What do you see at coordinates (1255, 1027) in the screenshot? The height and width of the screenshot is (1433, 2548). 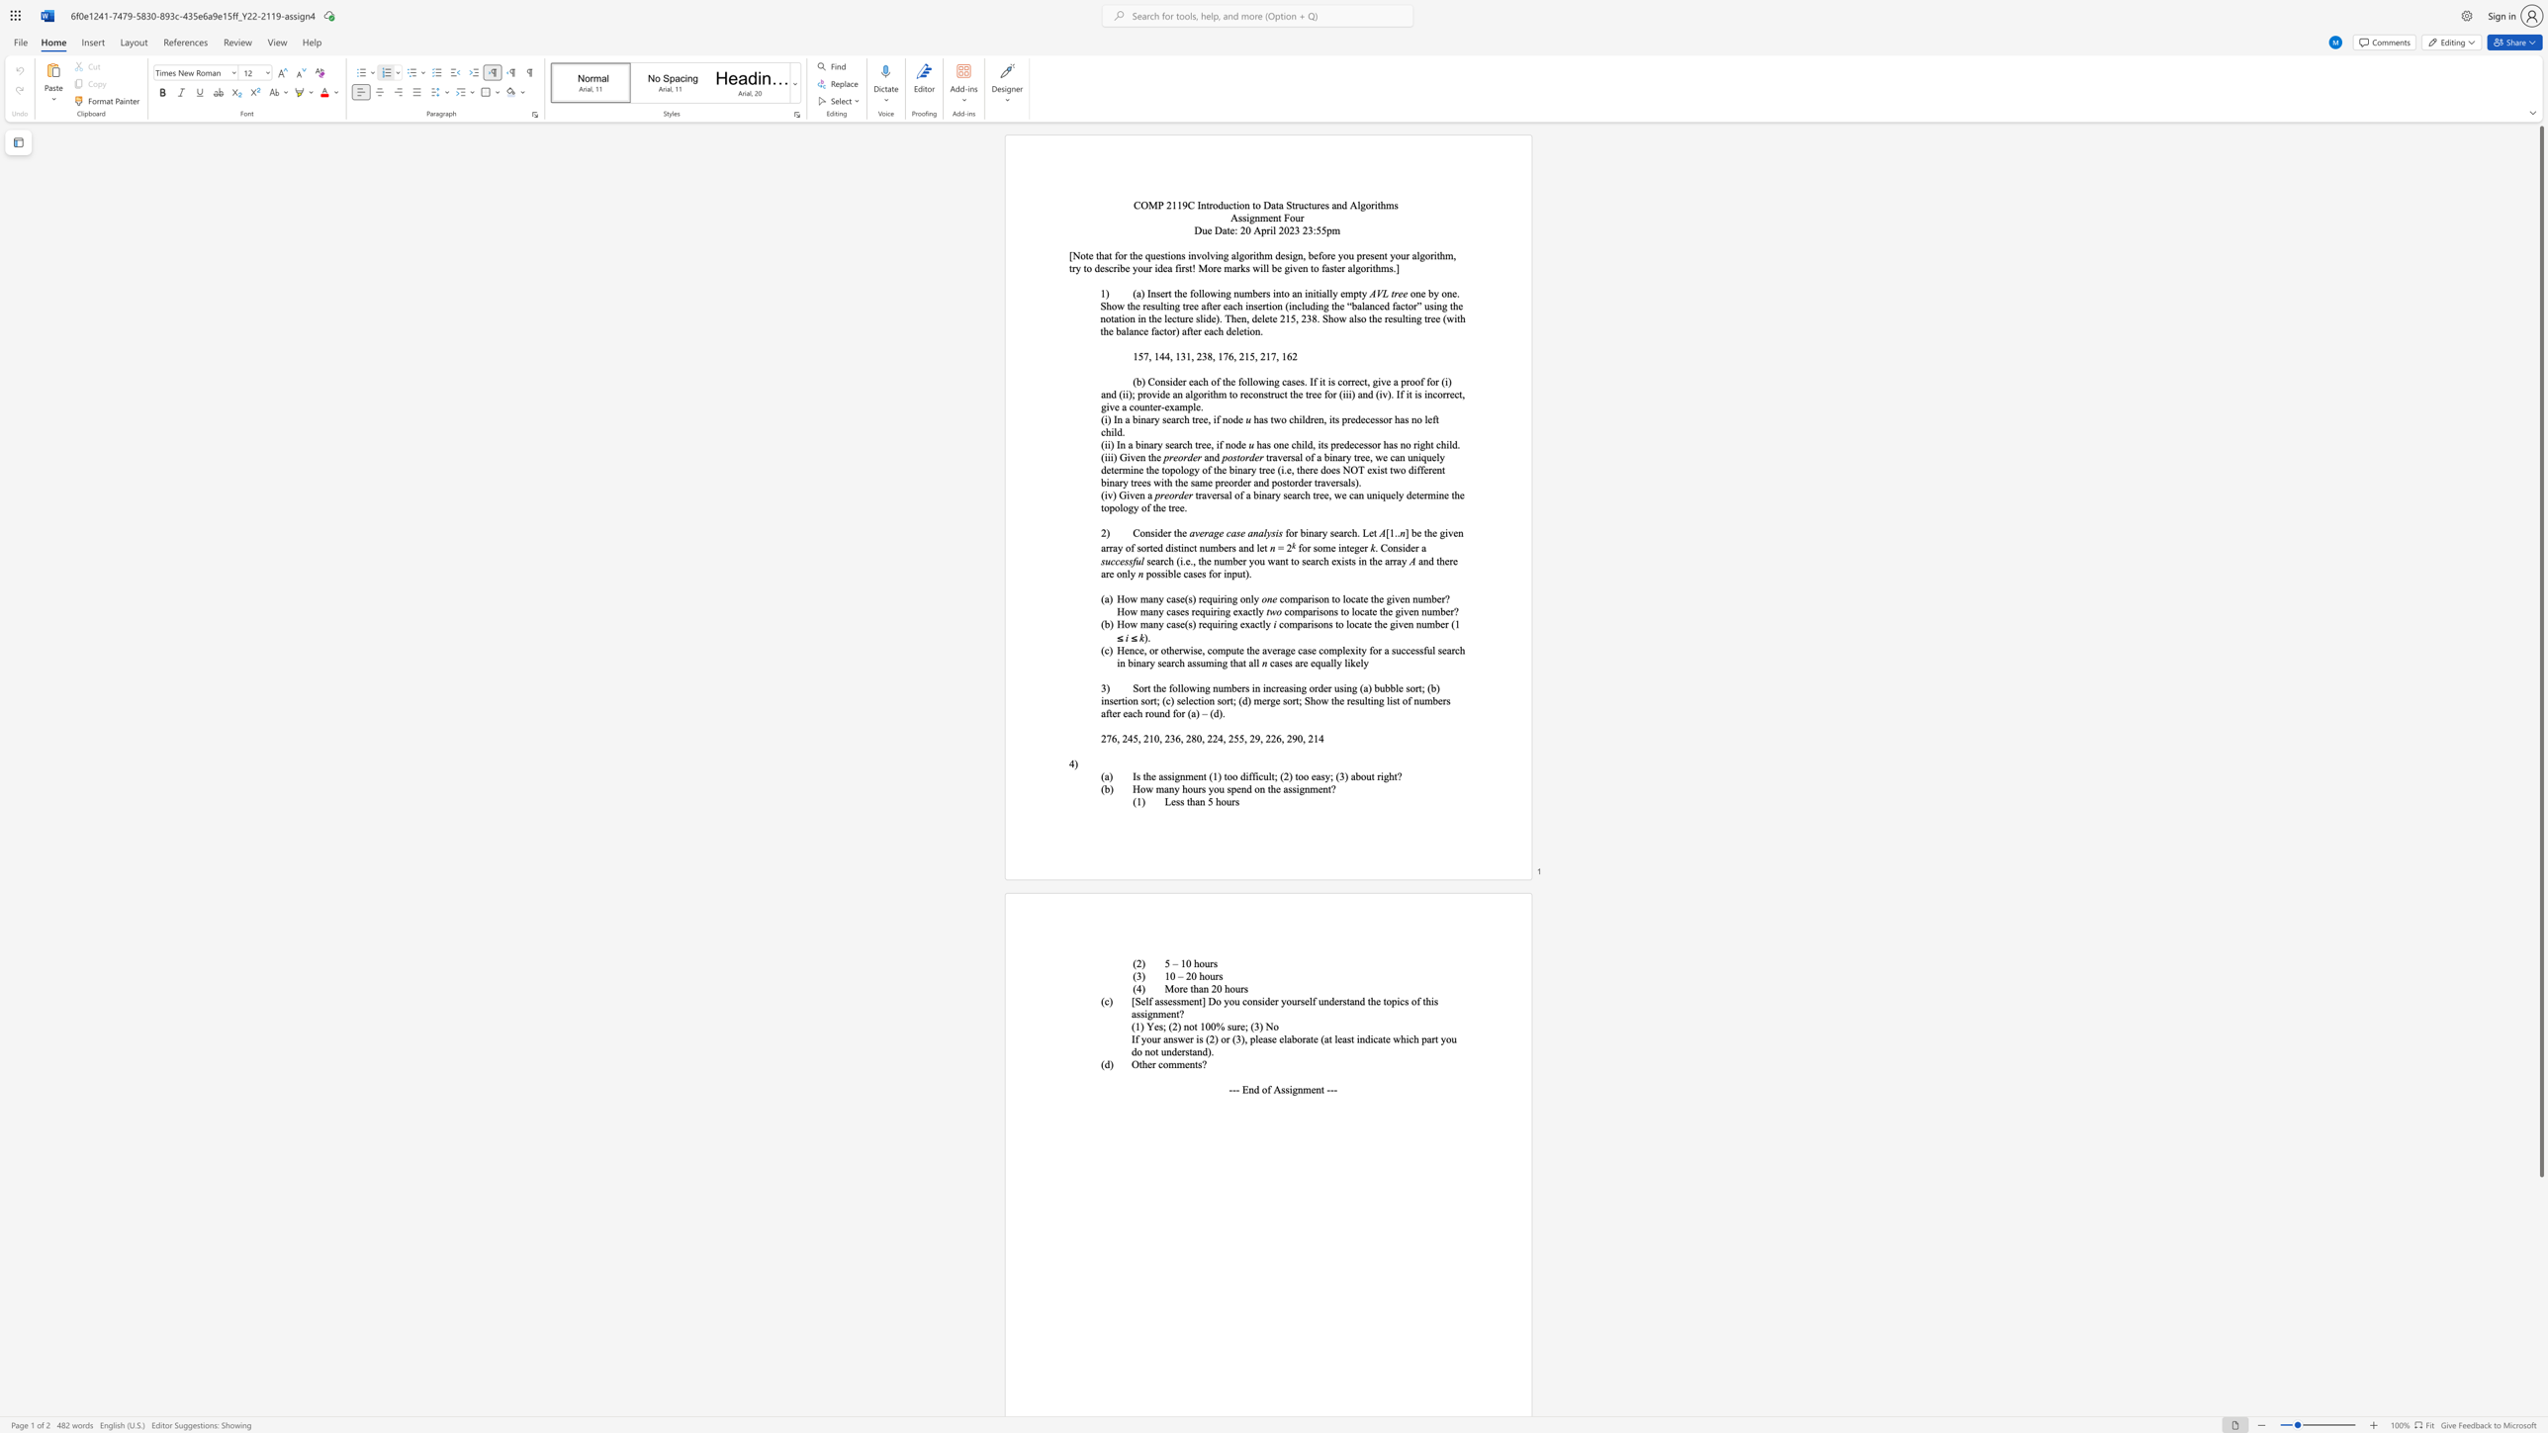 I see `the 1th character "3" in the text` at bounding box center [1255, 1027].